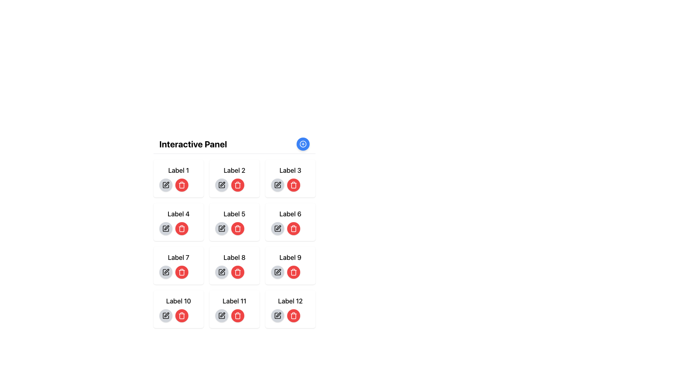 The height and width of the screenshot is (392, 697). What do you see at coordinates (165, 184) in the screenshot?
I see `the edit button located to the left of the red circular button under 'Label 1'` at bounding box center [165, 184].